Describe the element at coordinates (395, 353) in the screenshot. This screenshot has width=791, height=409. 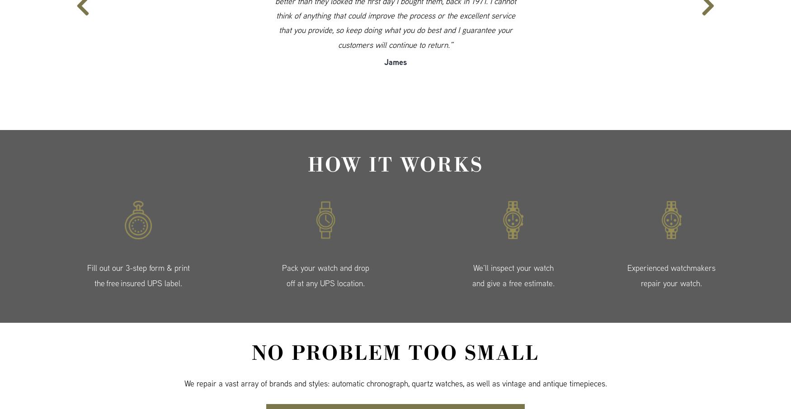
I see `'No Problem Too Small'` at that location.